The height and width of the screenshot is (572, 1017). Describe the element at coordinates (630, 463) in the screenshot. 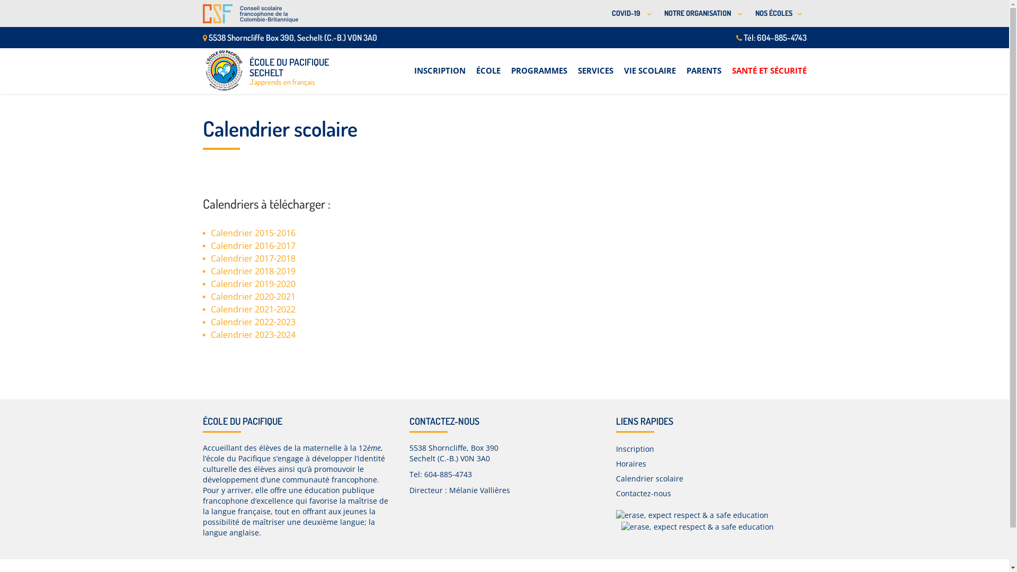

I see `'Horaires'` at that location.